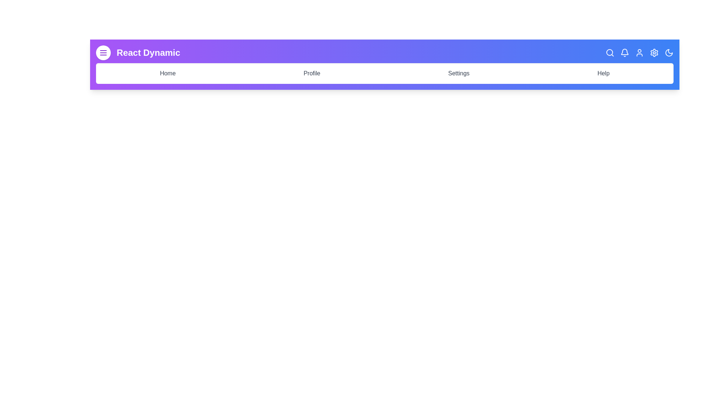 Image resolution: width=709 pixels, height=399 pixels. I want to click on the text React Dynamic in the navigation bar, so click(148, 52).